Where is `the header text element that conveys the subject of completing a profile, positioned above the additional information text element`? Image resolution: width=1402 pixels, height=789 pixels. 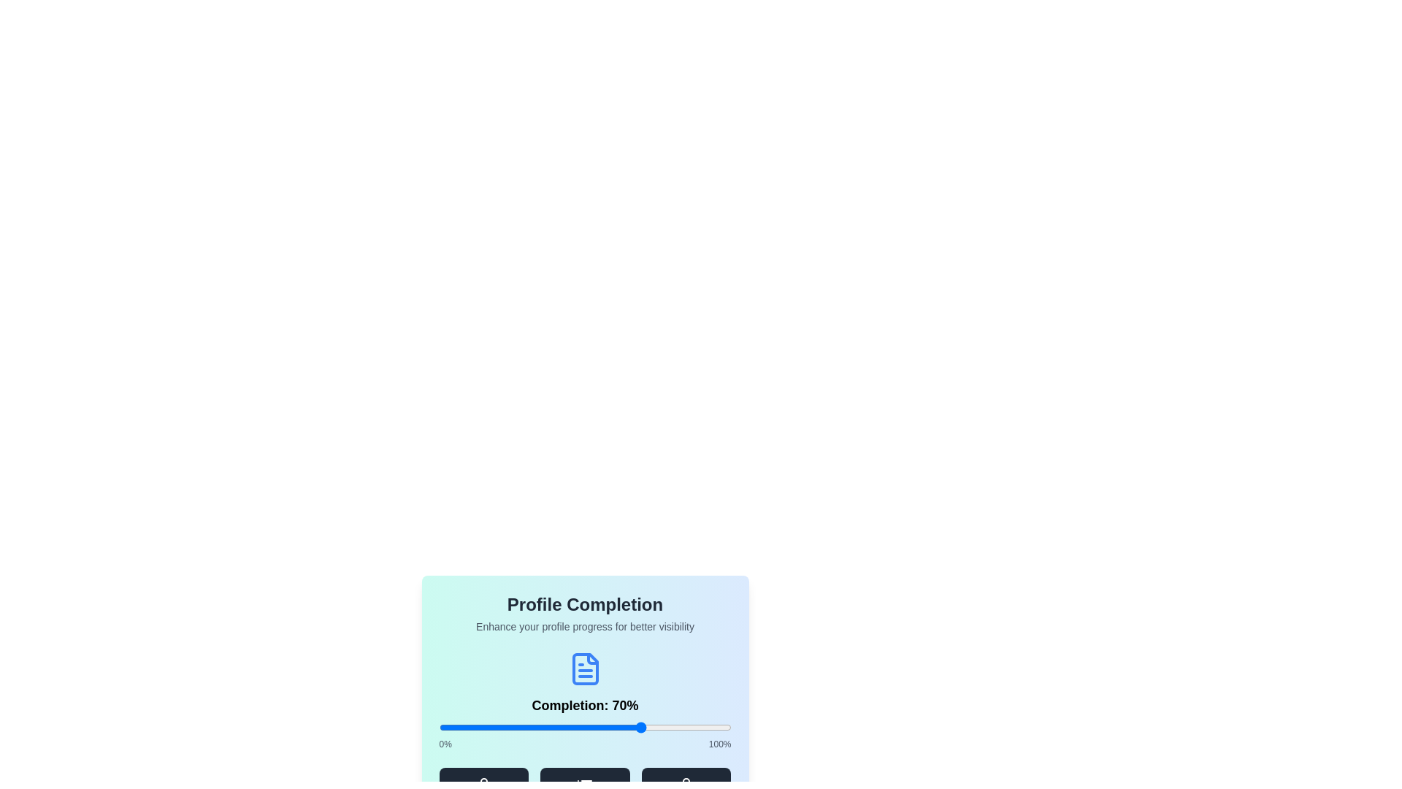 the header text element that conveys the subject of completing a profile, positioned above the additional information text element is located at coordinates (585, 605).